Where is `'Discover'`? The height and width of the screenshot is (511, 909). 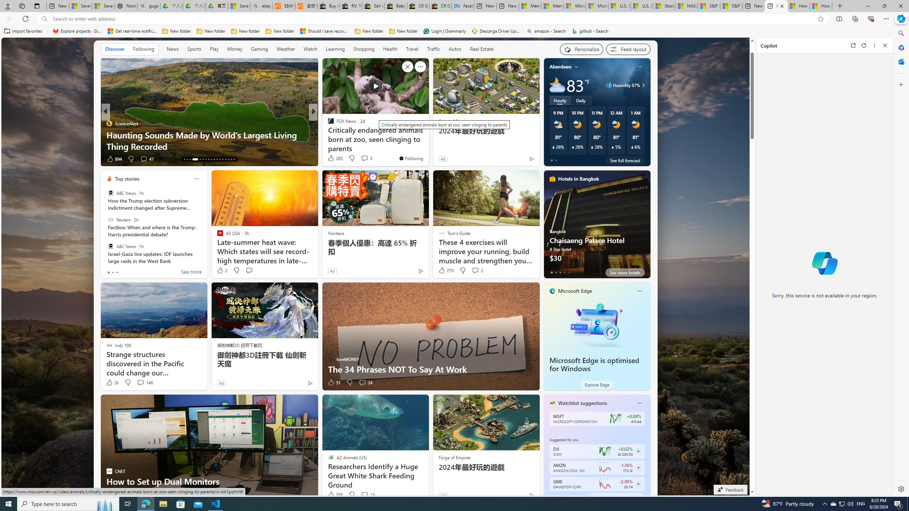
'Discover' is located at coordinates (114, 49).